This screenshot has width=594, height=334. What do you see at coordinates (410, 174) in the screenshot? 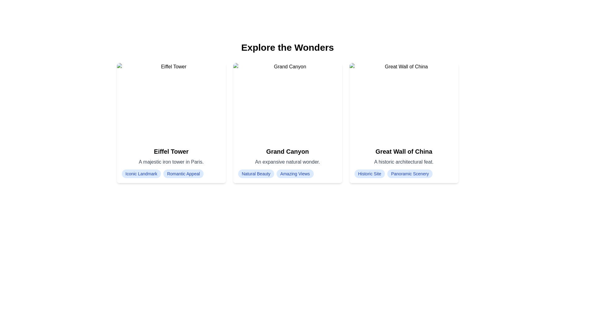
I see `the label indicating 'panoramic scenery' which is positioned to the right of the 'Historic Site' badge for the 'Great Wall of China'` at bounding box center [410, 174].